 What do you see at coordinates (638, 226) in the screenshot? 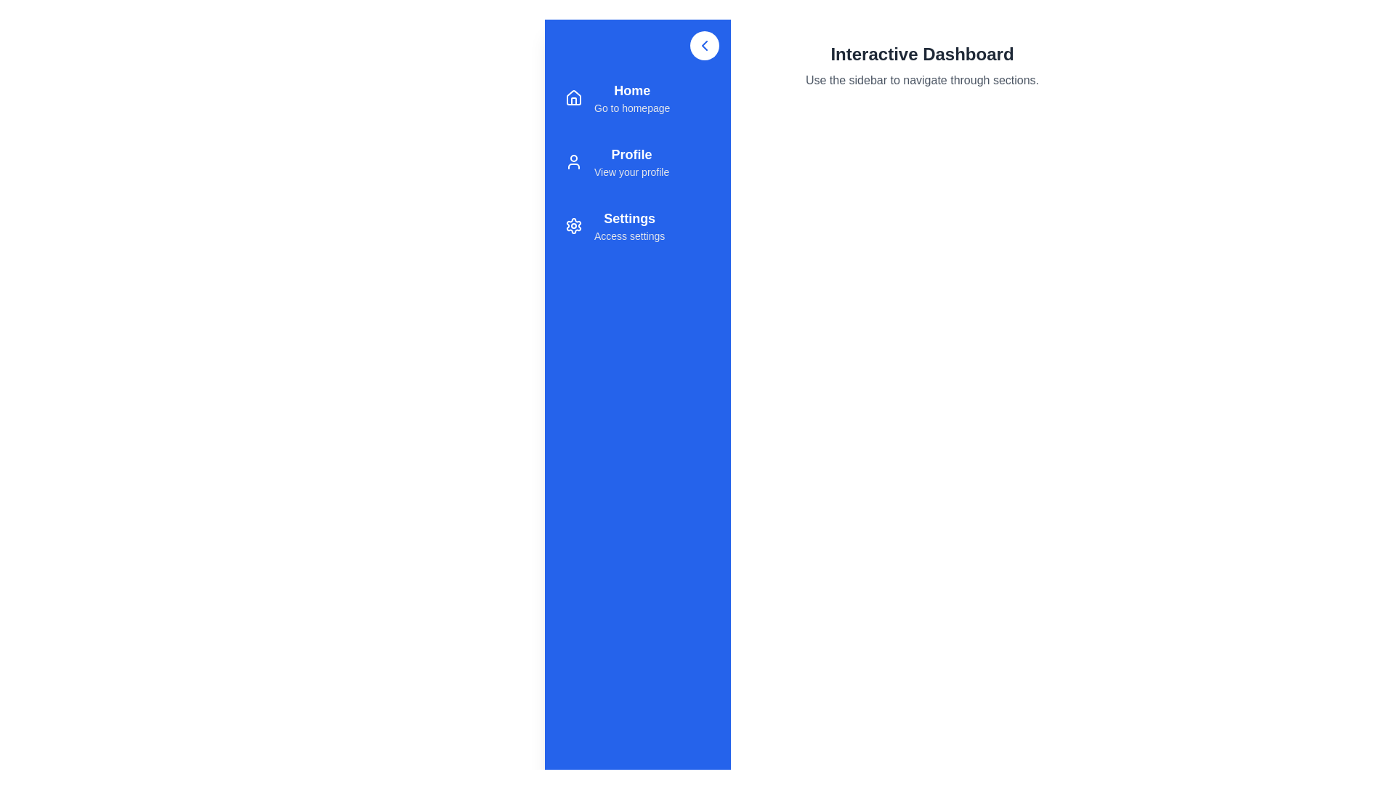
I see `the menu item Settings to reveal its visual effect` at bounding box center [638, 226].